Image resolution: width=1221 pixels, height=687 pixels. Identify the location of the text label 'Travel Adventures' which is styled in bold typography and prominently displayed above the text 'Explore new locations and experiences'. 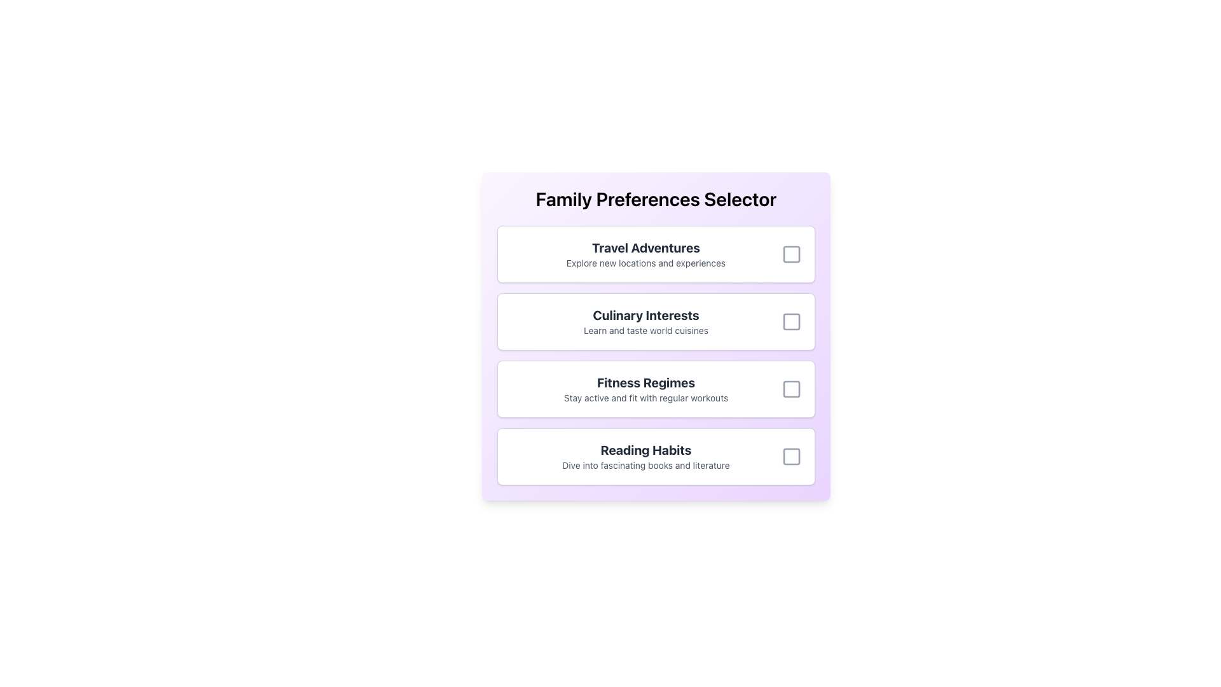
(646, 247).